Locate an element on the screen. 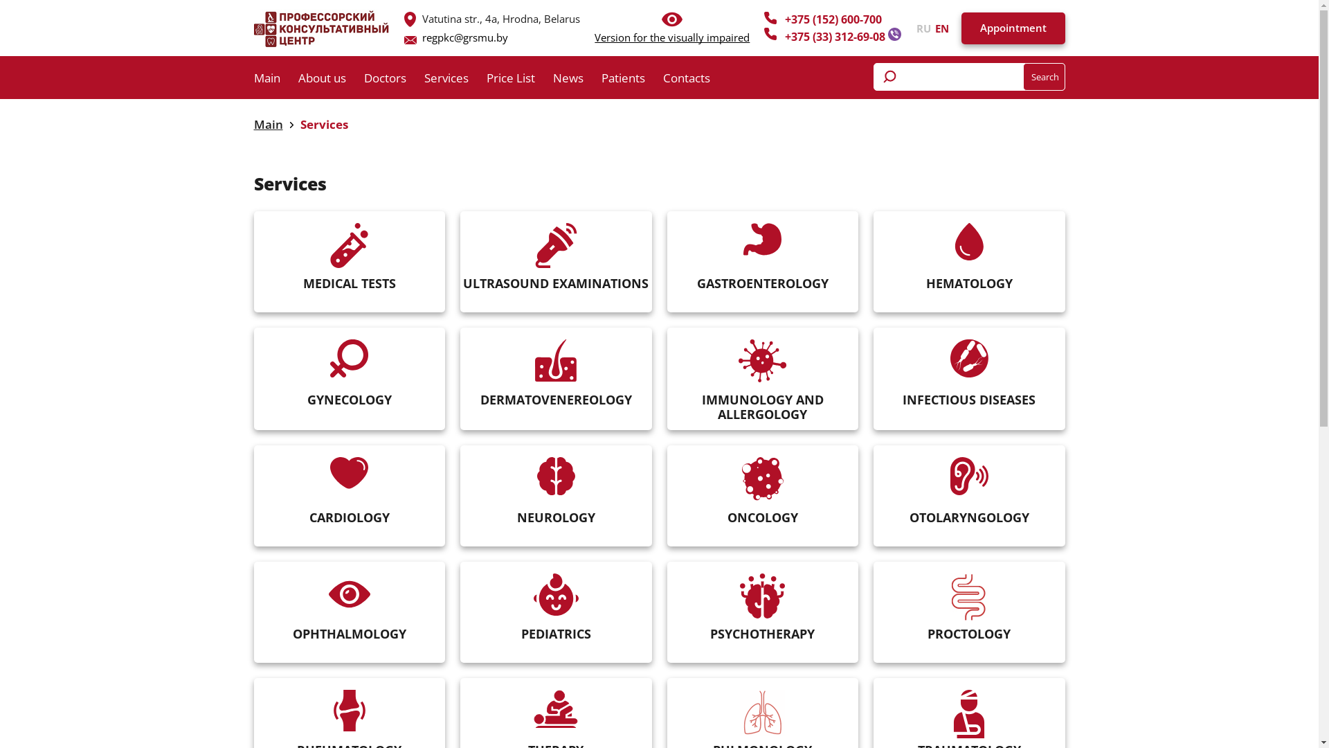 Image resolution: width=1329 pixels, height=748 pixels. 'Hematology' is located at coordinates (953, 240).